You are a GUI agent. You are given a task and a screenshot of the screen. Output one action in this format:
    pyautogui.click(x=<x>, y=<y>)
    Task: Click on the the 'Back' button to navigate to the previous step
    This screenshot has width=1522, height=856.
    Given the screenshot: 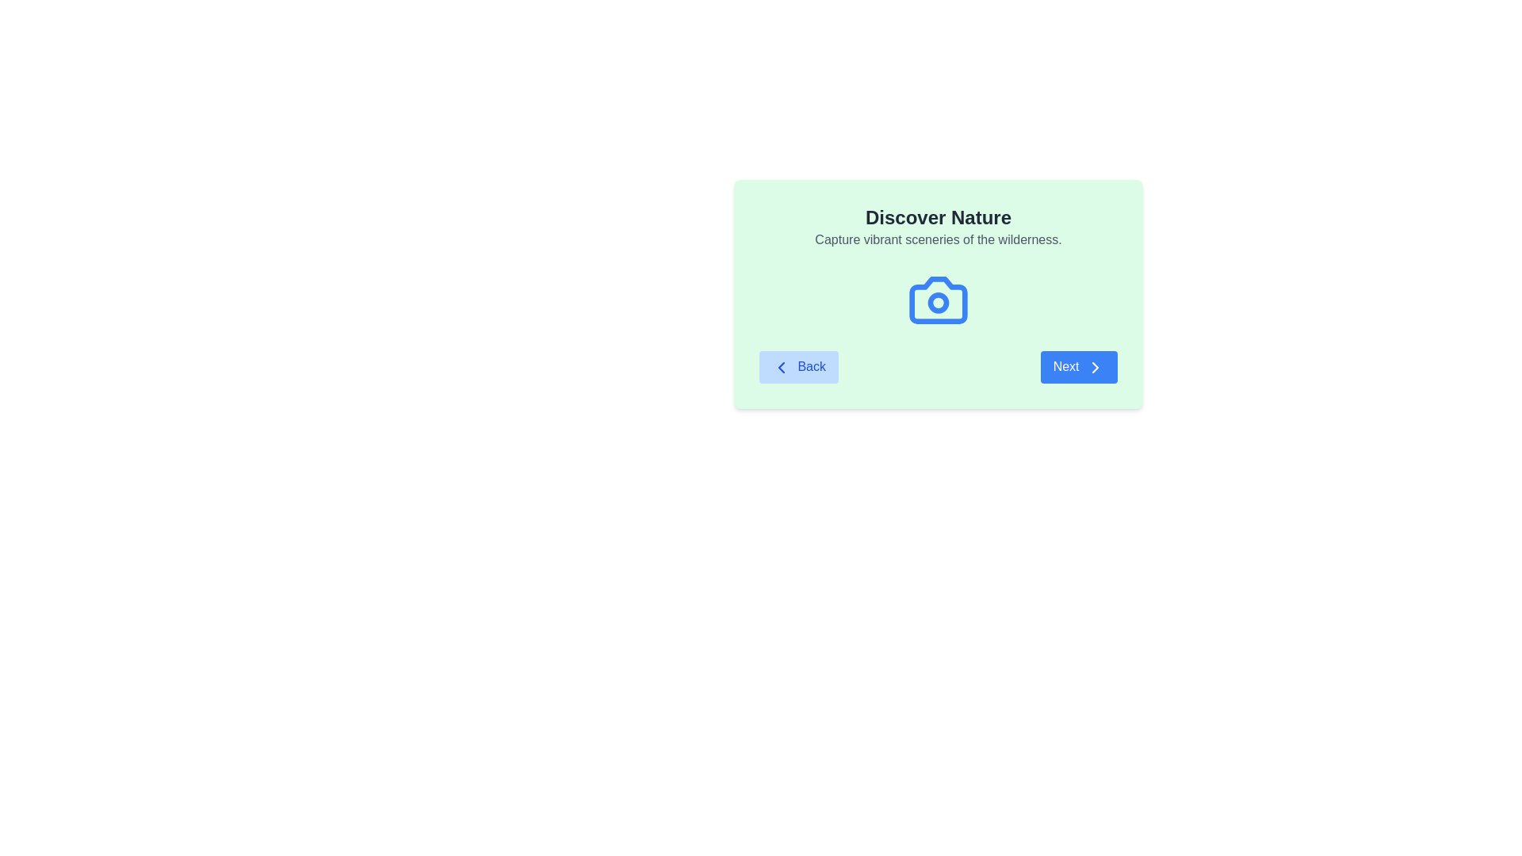 What is the action you would take?
    pyautogui.click(x=799, y=366)
    